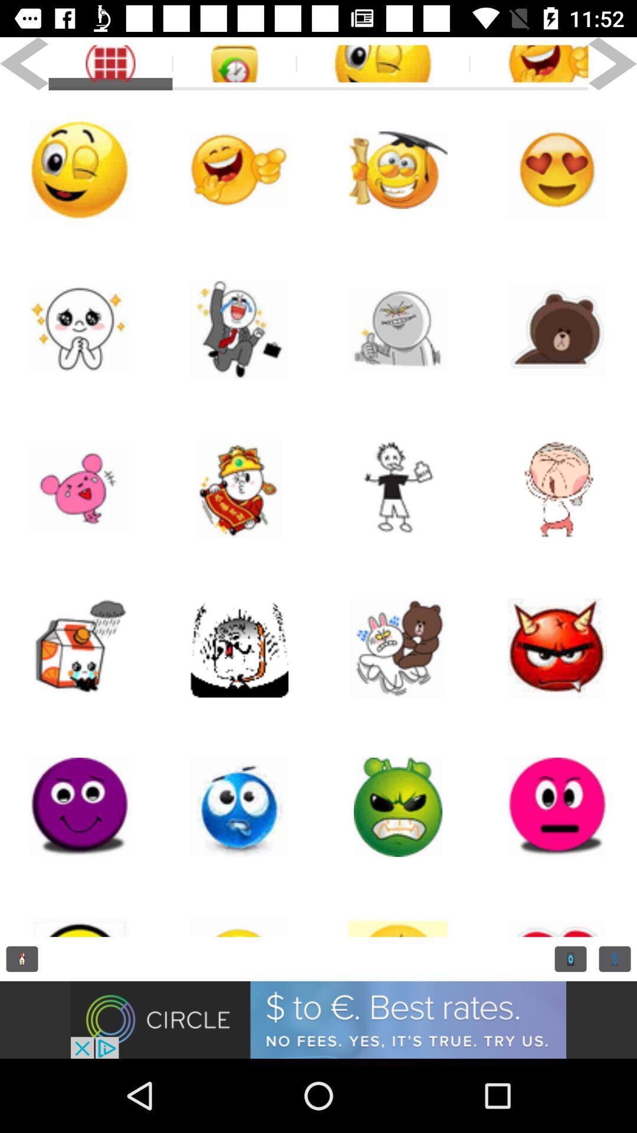 The image size is (637, 1133). What do you see at coordinates (239, 489) in the screenshot?
I see `sticker` at bounding box center [239, 489].